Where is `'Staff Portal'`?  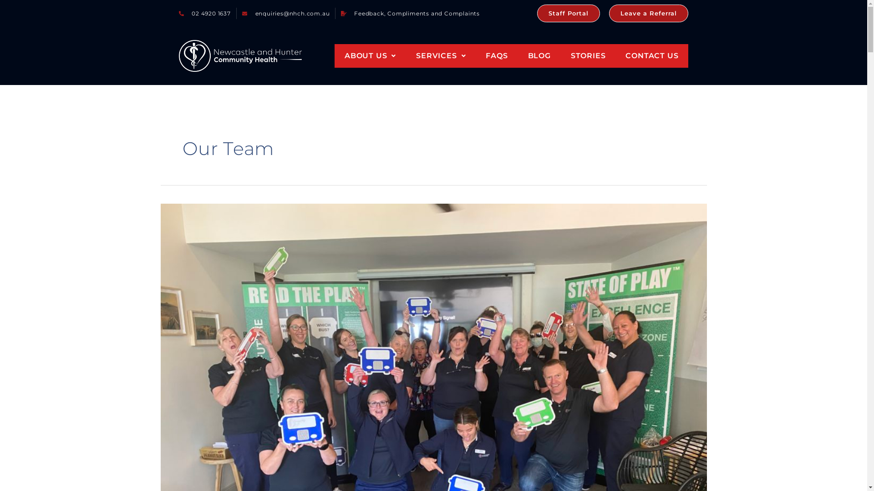 'Staff Portal' is located at coordinates (568, 13).